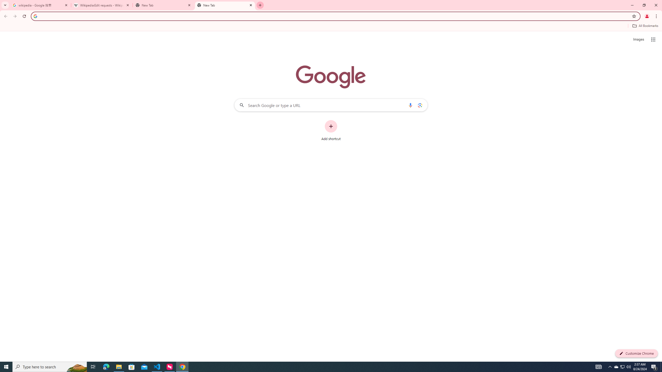 Image resolution: width=662 pixels, height=372 pixels. What do you see at coordinates (636, 353) in the screenshot?
I see `'Customize Chrome'` at bounding box center [636, 353].